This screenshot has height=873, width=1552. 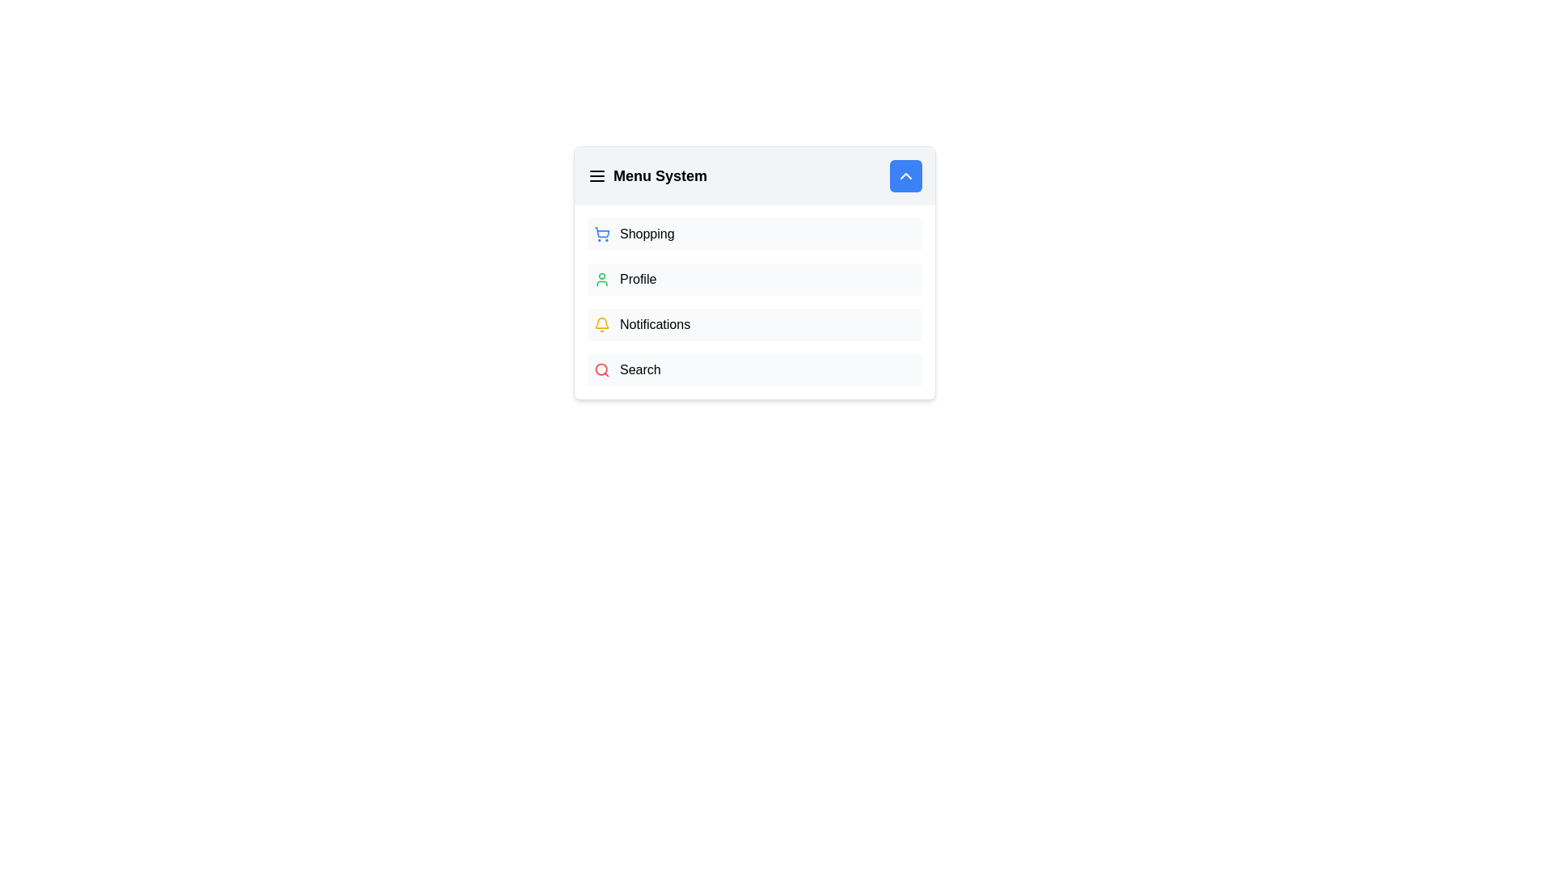 I want to click on the 'Notifications' text label in the menu, so click(x=655, y=324).